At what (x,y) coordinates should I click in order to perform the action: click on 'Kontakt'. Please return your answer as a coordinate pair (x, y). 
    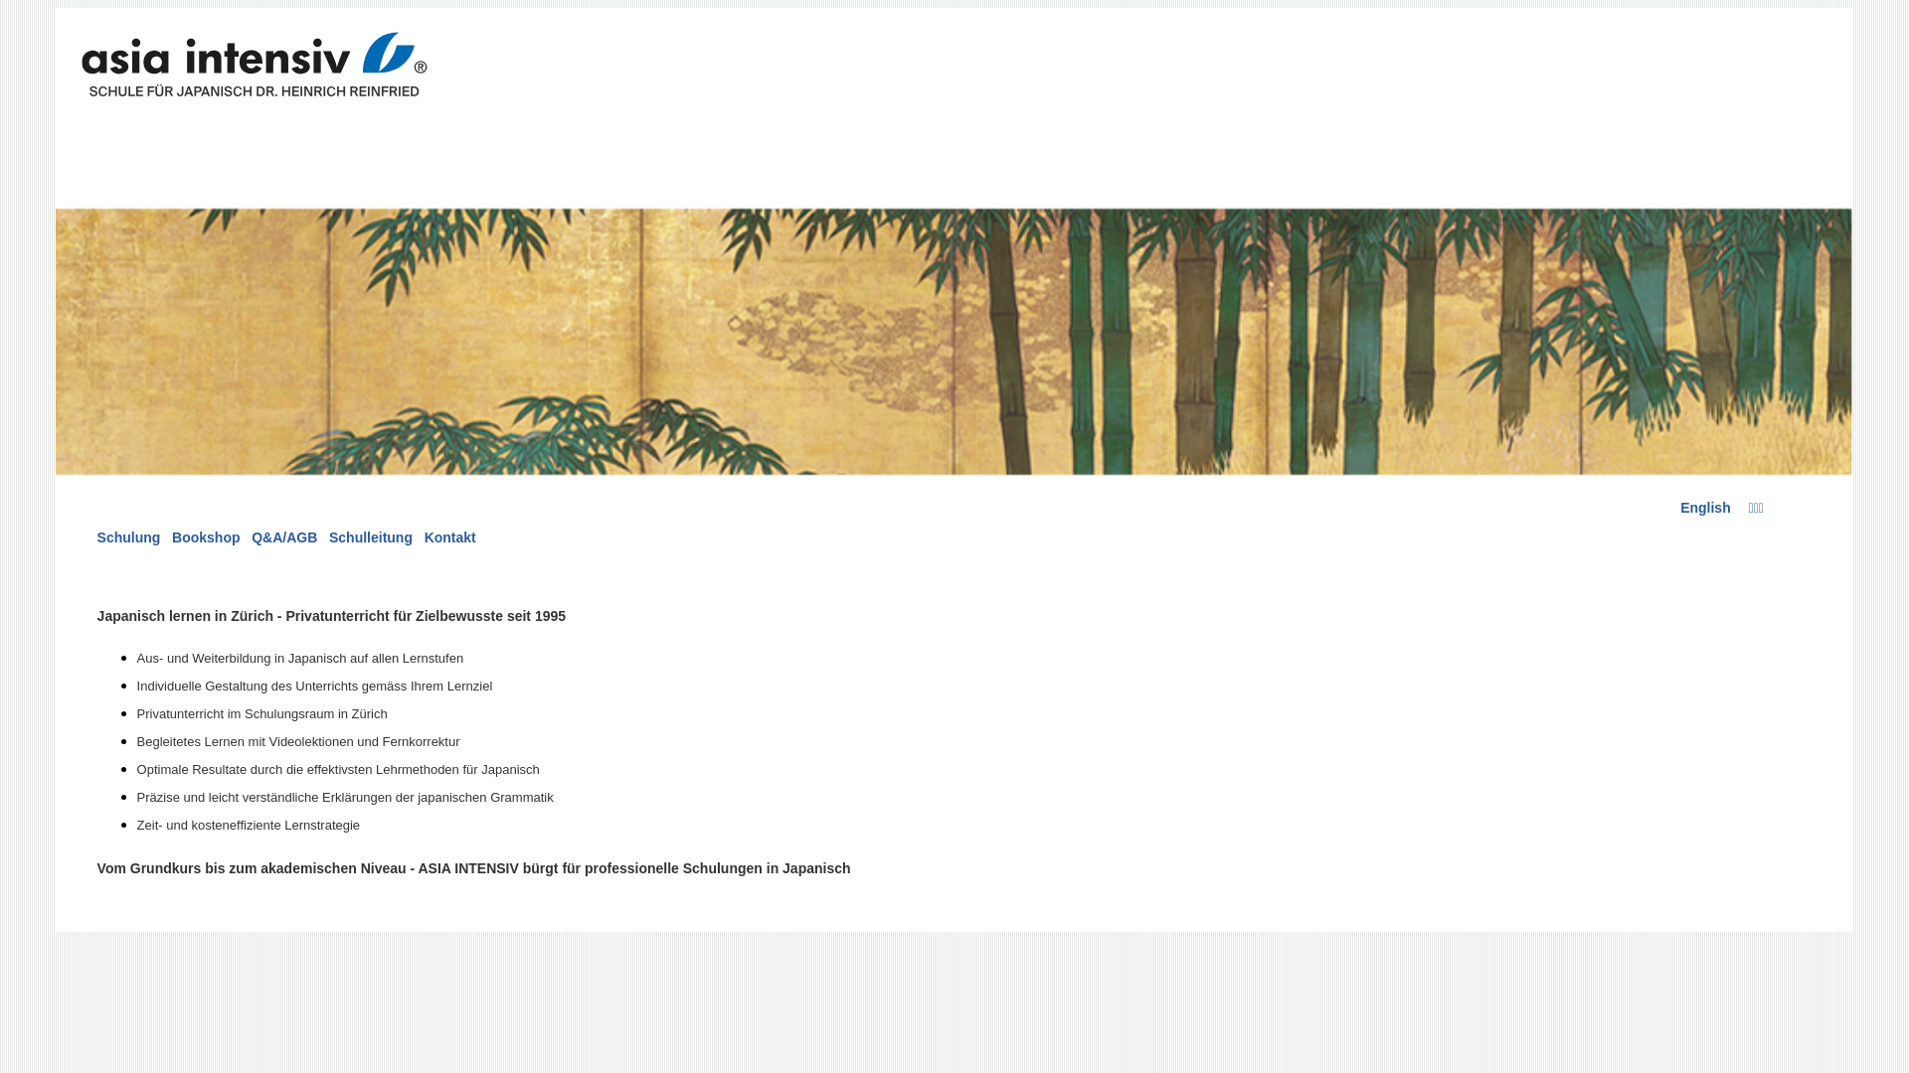
    Looking at the image, I should click on (448, 536).